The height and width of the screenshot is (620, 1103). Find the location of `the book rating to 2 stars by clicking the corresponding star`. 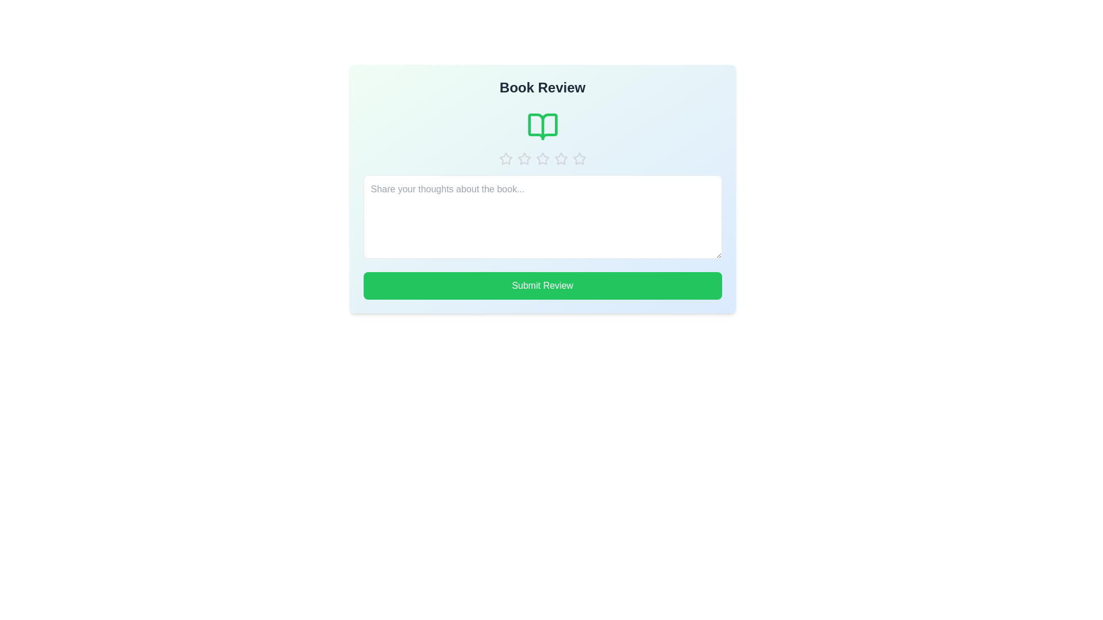

the book rating to 2 stars by clicking the corresponding star is located at coordinates (523, 159).